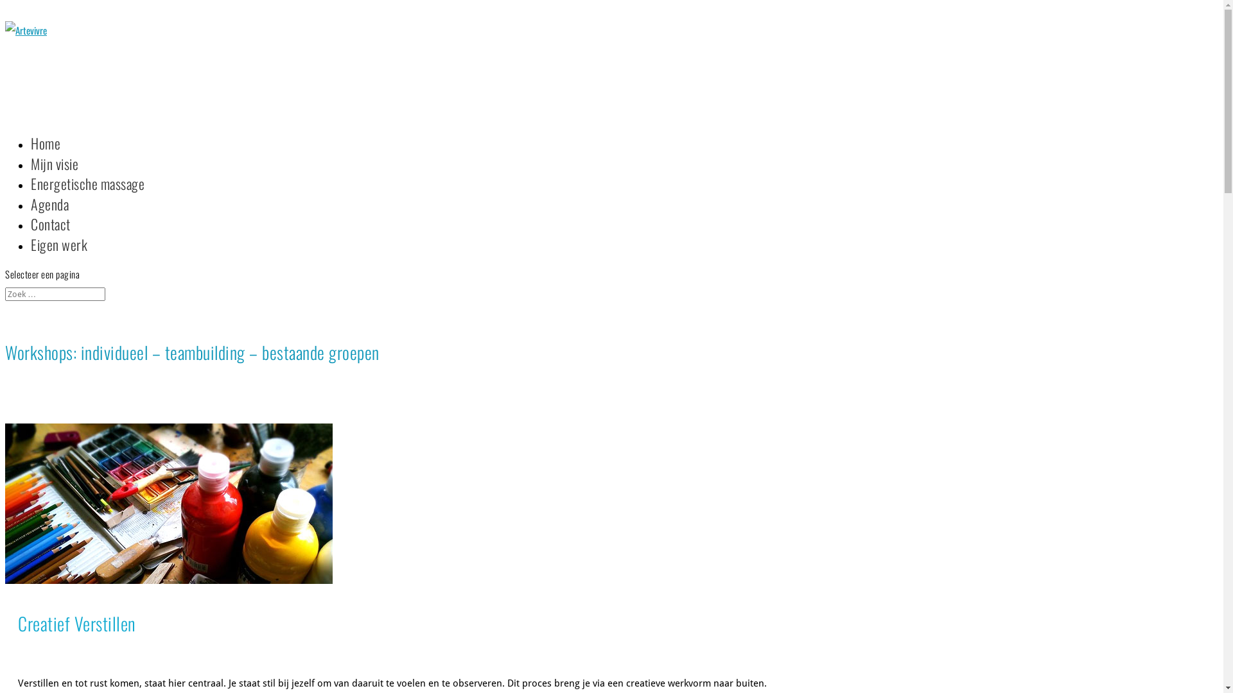 The width and height of the screenshot is (1233, 693). What do you see at coordinates (5, 294) in the screenshot?
I see `'Zoek naar:'` at bounding box center [5, 294].